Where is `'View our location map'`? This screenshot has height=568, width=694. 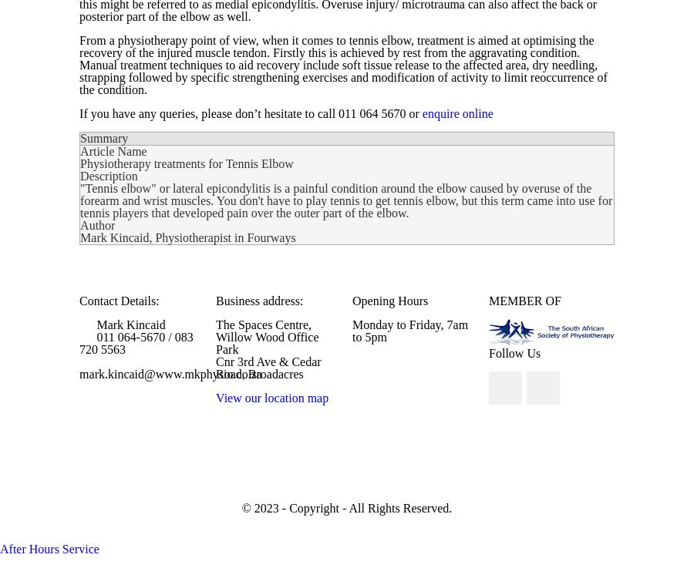
'View our location map' is located at coordinates (271, 397).